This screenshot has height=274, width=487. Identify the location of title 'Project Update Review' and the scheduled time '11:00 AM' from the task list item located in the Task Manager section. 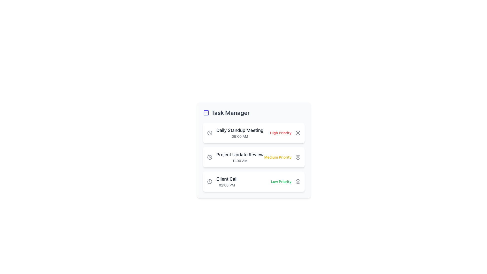
(235, 157).